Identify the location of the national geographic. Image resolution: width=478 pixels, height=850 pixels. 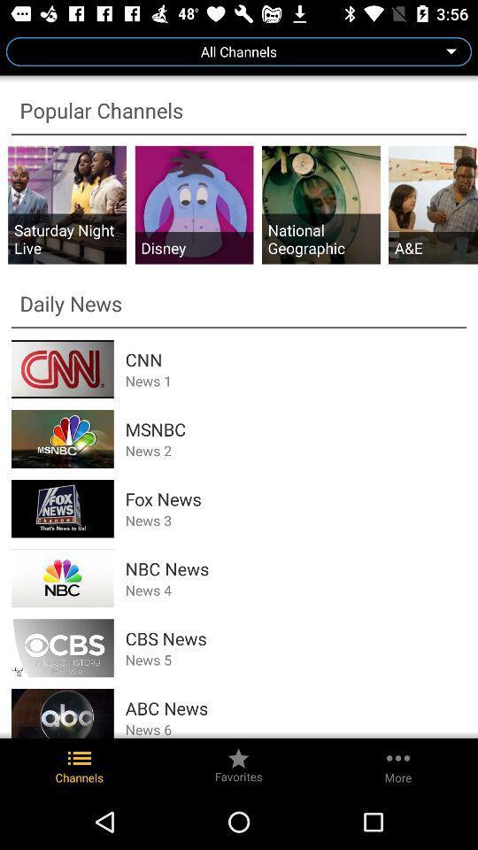
(320, 237).